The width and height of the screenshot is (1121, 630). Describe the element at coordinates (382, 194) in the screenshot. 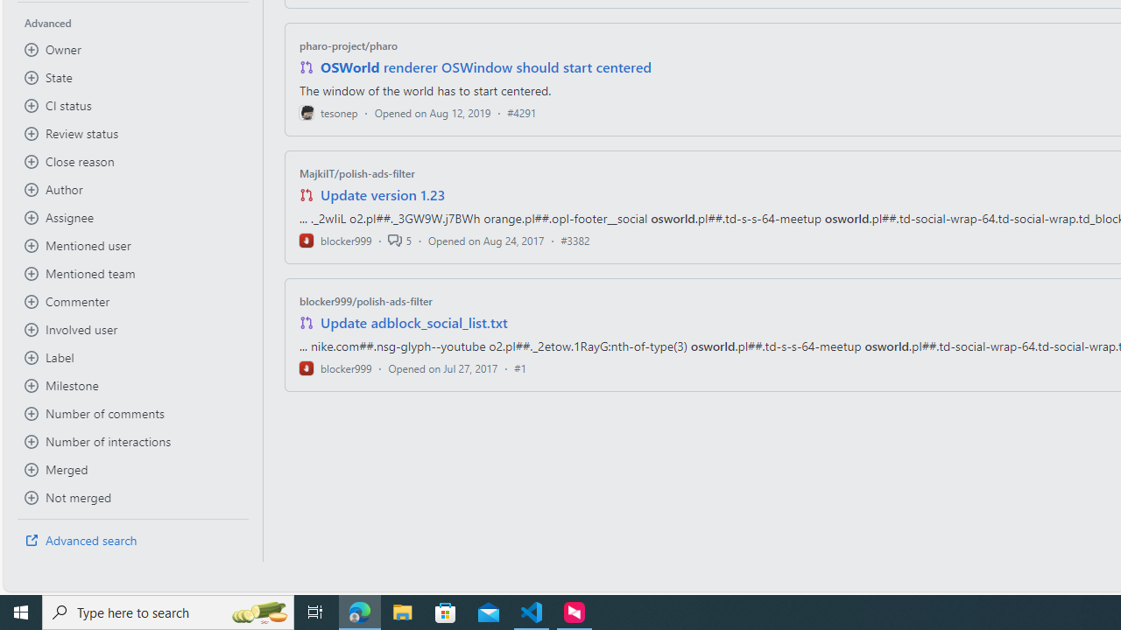

I see `'Update version 1.23'` at that location.